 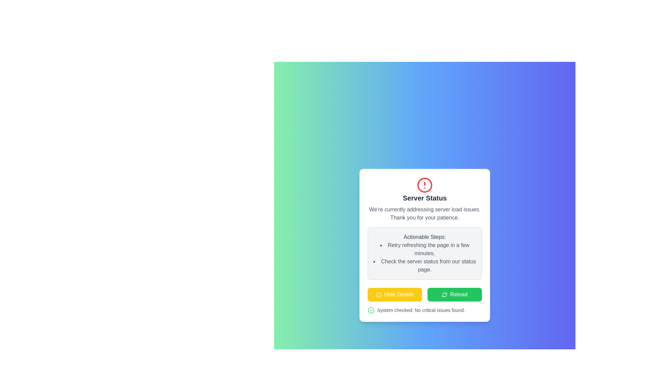 I want to click on static text title of the notification card, which summarizes the content and draws attention to the status information, located at the upper center area of the status card, so click(x=424, y=198).